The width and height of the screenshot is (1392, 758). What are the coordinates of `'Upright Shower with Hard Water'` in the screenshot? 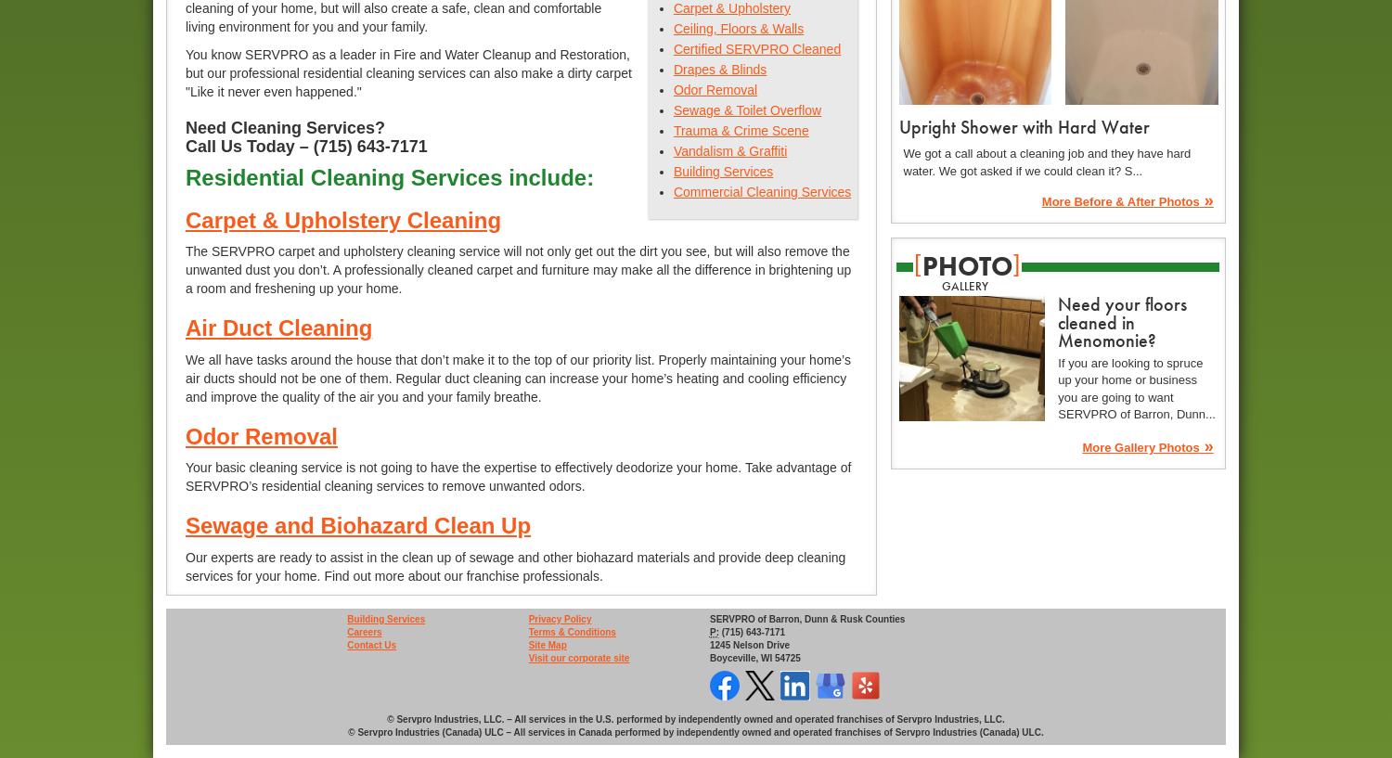 It's located at (1022, 126).